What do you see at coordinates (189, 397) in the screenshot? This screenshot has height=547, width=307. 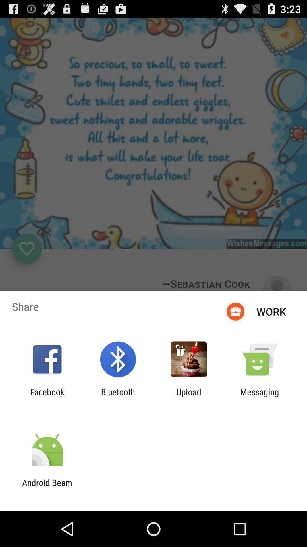 I see `icon to the left of messaging icon` at bounding box center [189, 397].